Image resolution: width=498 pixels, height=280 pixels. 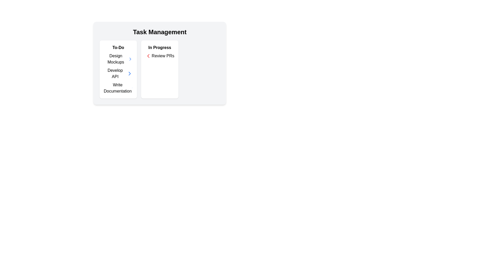 I want to click on the icon located to the far right of the 'Develop API' text in the task management section to change its color, so click(x=129, y=74).